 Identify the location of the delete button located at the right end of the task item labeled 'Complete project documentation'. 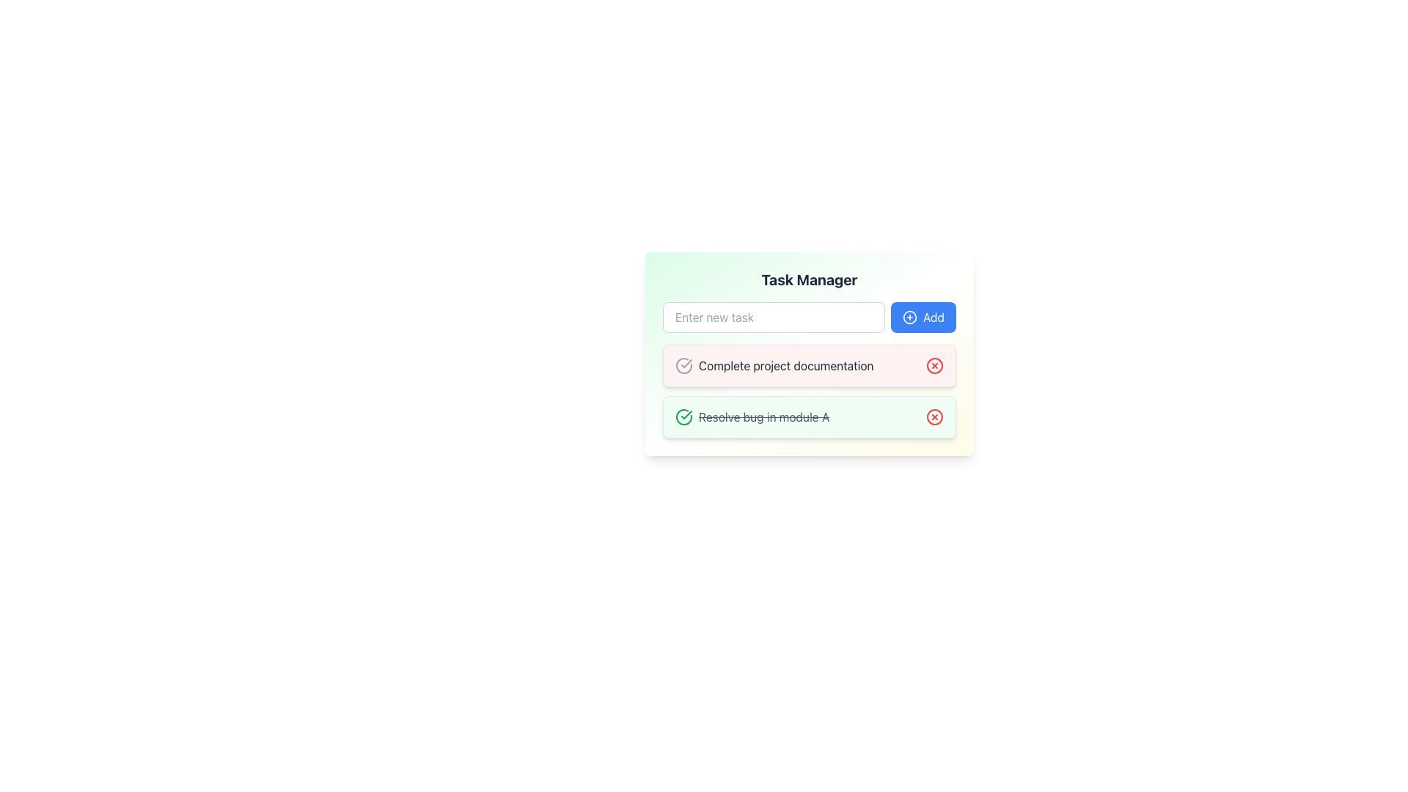
(934, 364).